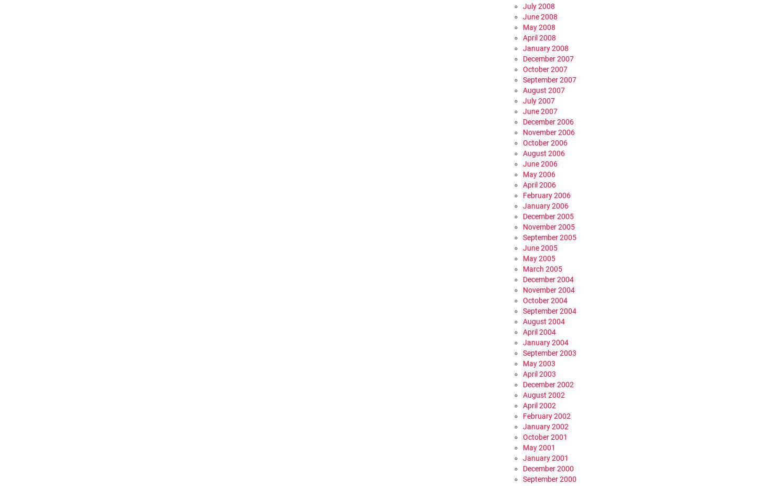 This screenshot has height=486, width=762. I want to click on 'April 2002', so click(539, 405).